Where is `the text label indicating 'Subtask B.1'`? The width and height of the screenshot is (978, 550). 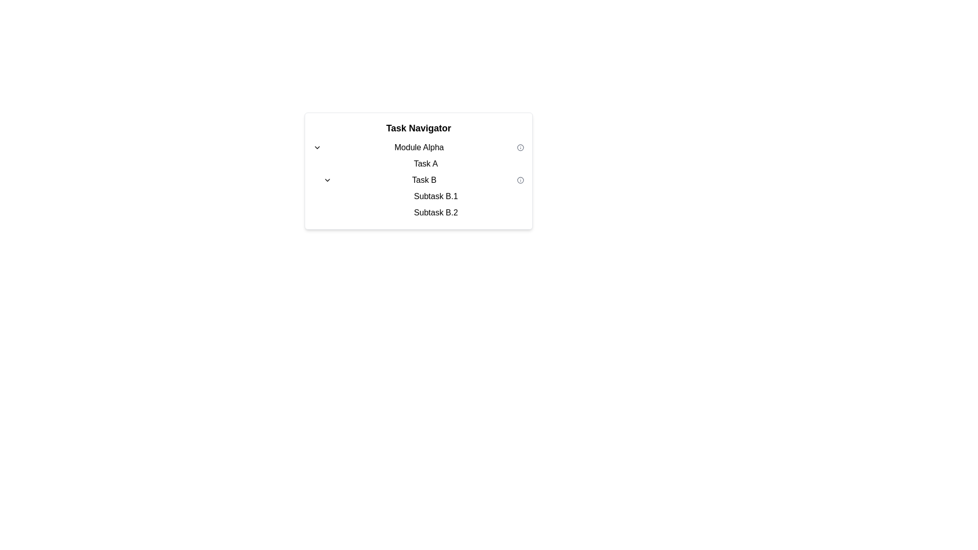
the text label indicating 'Subtask B.1' is located at coordinates (436, 196).